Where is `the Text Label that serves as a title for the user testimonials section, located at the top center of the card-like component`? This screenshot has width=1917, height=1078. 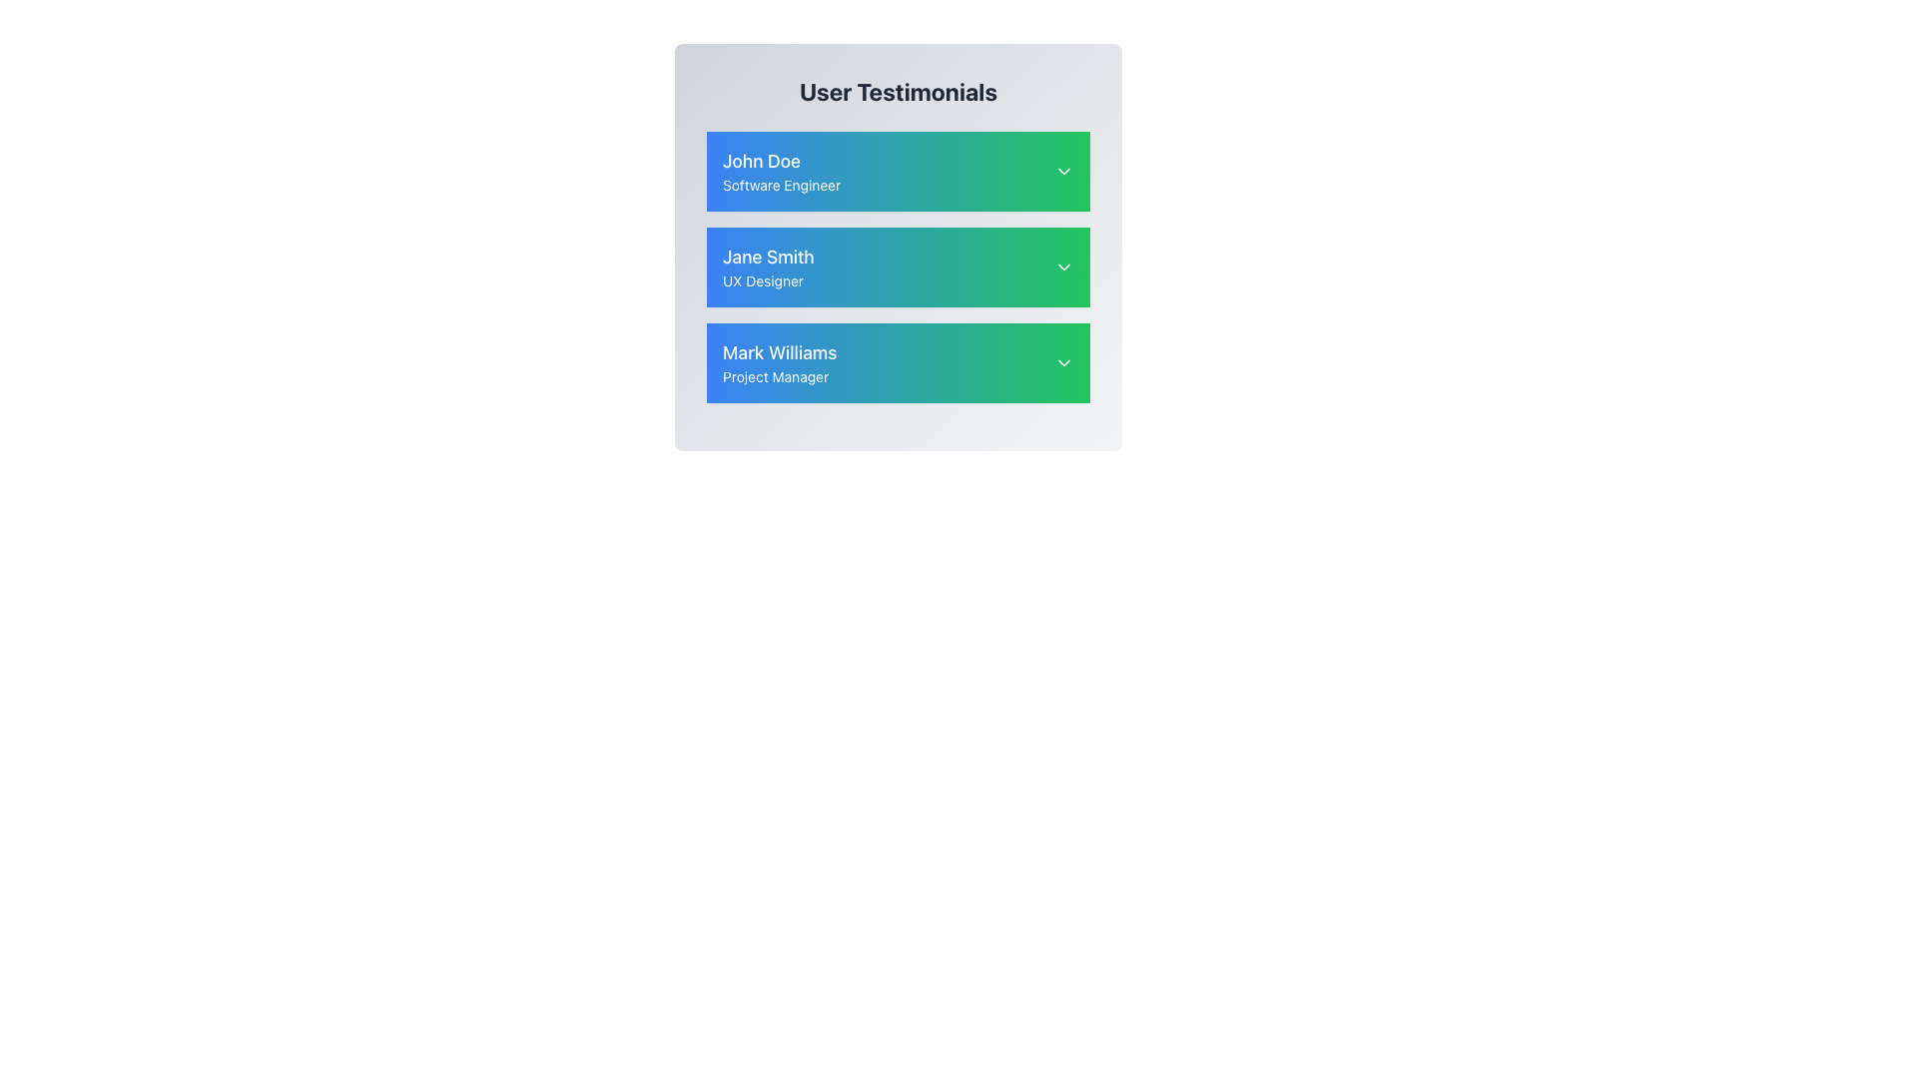
the Text Label that serves as a title for the user testimonials section, located at the top center of the card-like component is located at coordinates (898, 92).